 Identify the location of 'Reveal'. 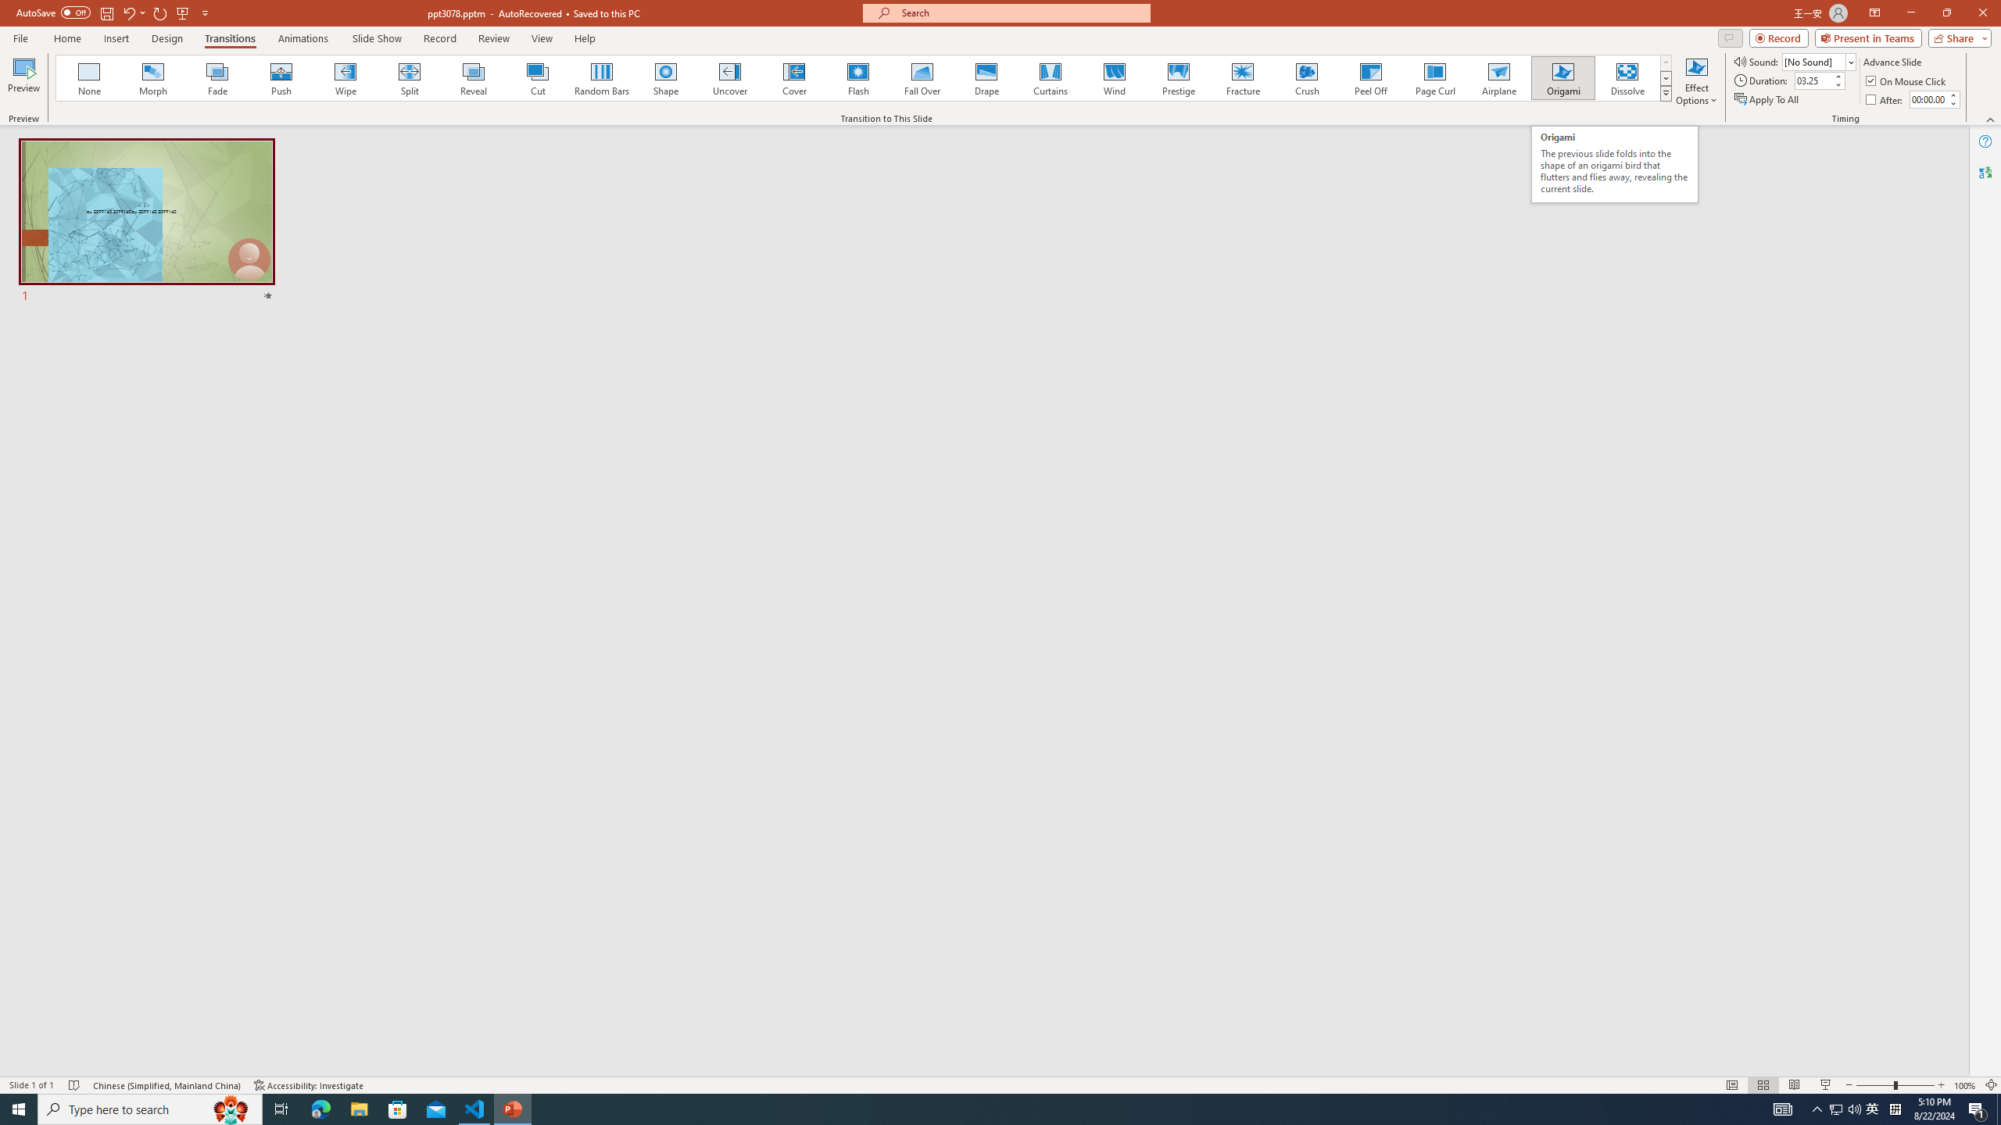
(474, 77).